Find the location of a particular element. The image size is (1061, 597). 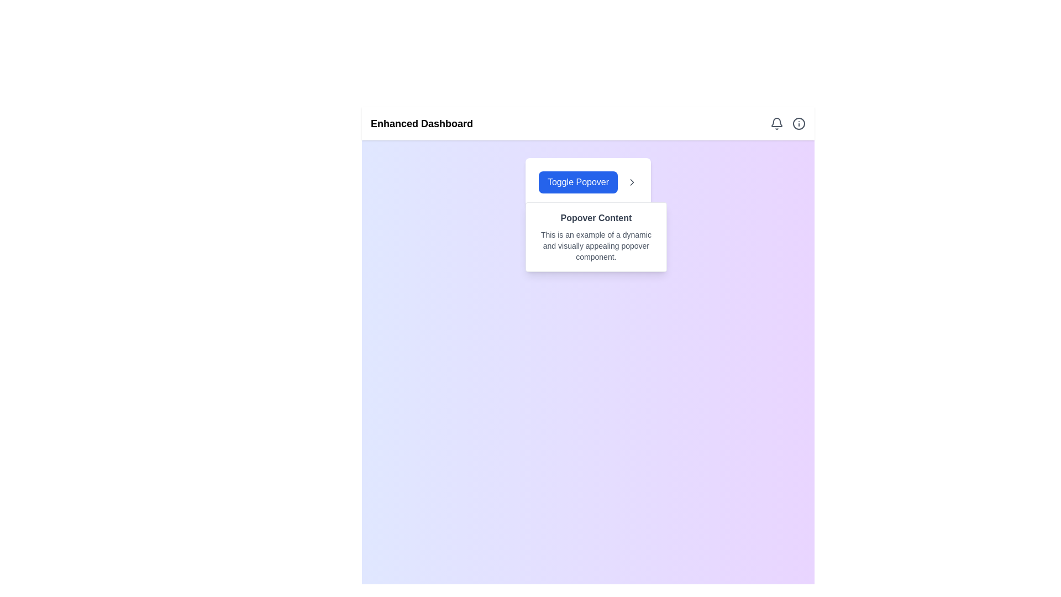

the first circle element within the top-right section of the SVG icon set, which has a defined border and no fill is located at coordinates (799, 123).